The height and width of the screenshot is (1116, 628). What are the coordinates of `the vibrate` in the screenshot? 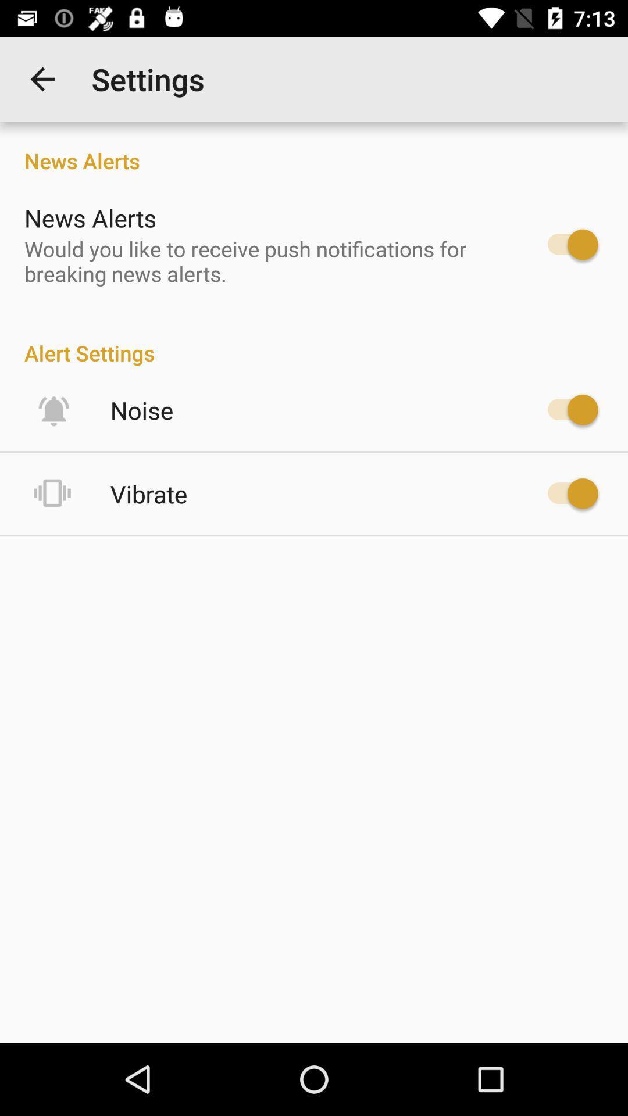 It's located at (148, 493).